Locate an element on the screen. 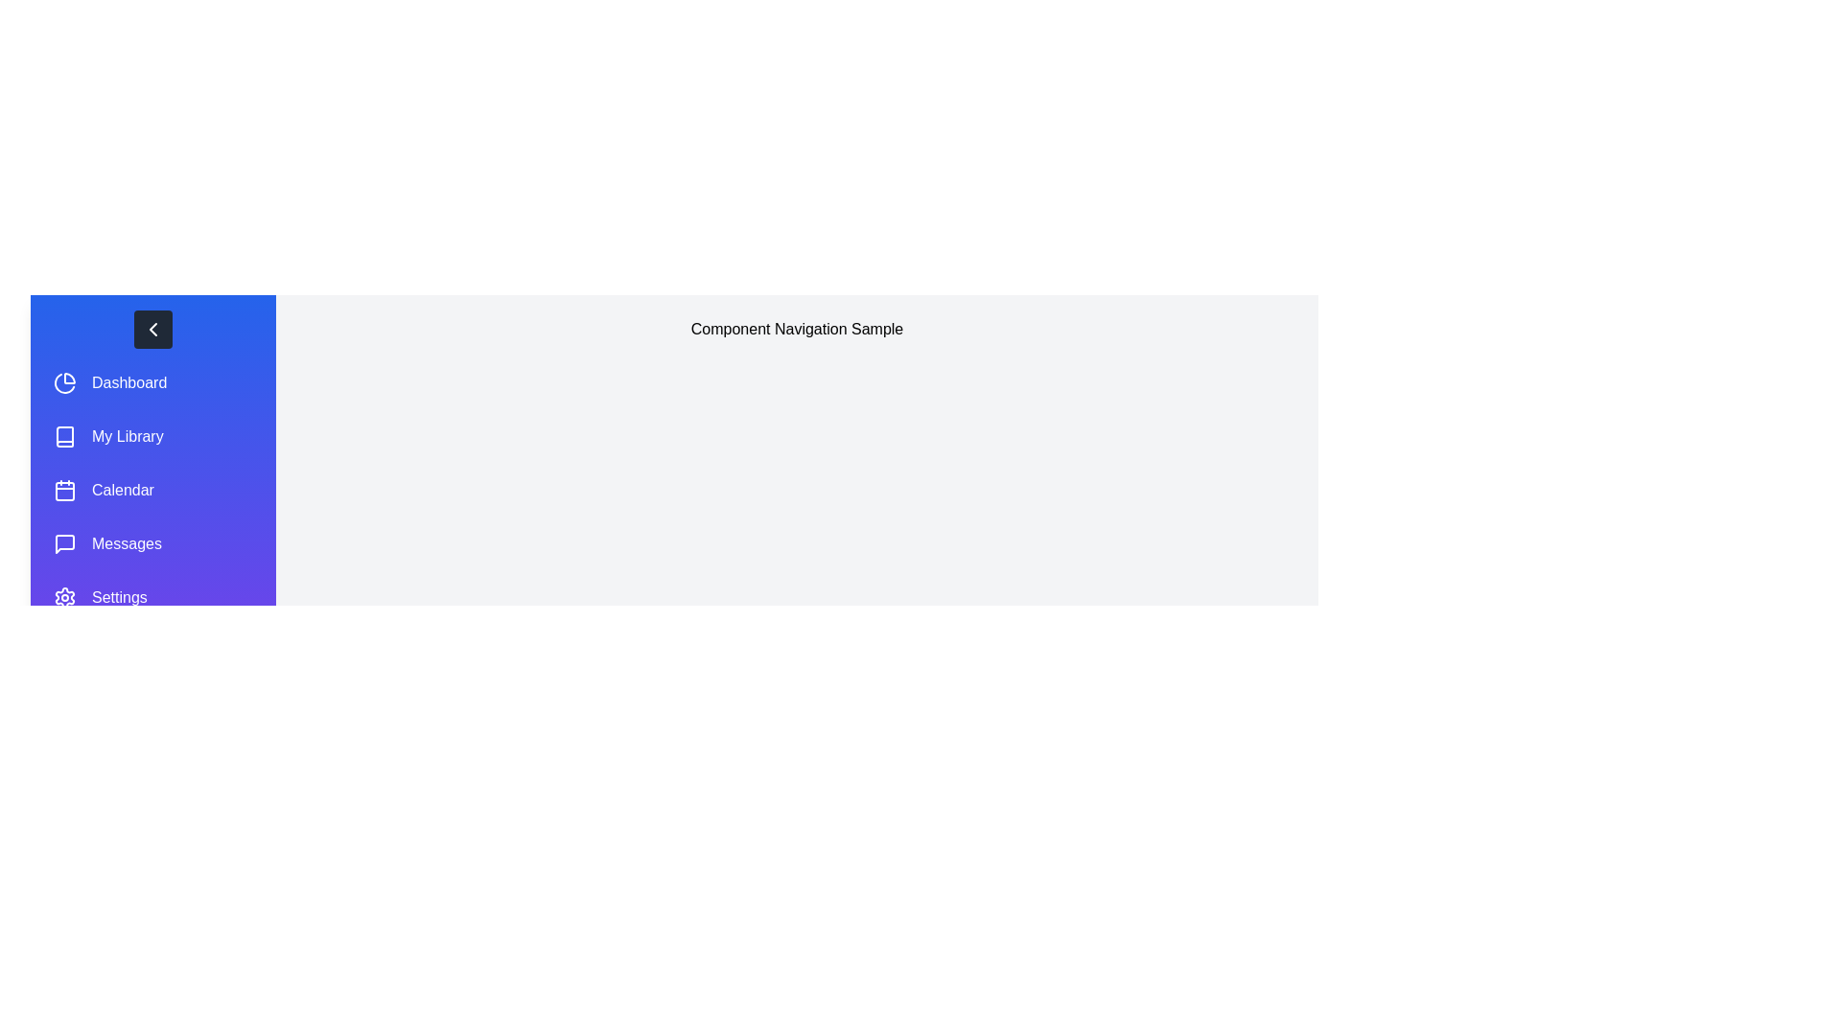 This screenshot has width=1841, height=1035. the menu item Settings from the navigation panel is located at coordinates (151, 597).